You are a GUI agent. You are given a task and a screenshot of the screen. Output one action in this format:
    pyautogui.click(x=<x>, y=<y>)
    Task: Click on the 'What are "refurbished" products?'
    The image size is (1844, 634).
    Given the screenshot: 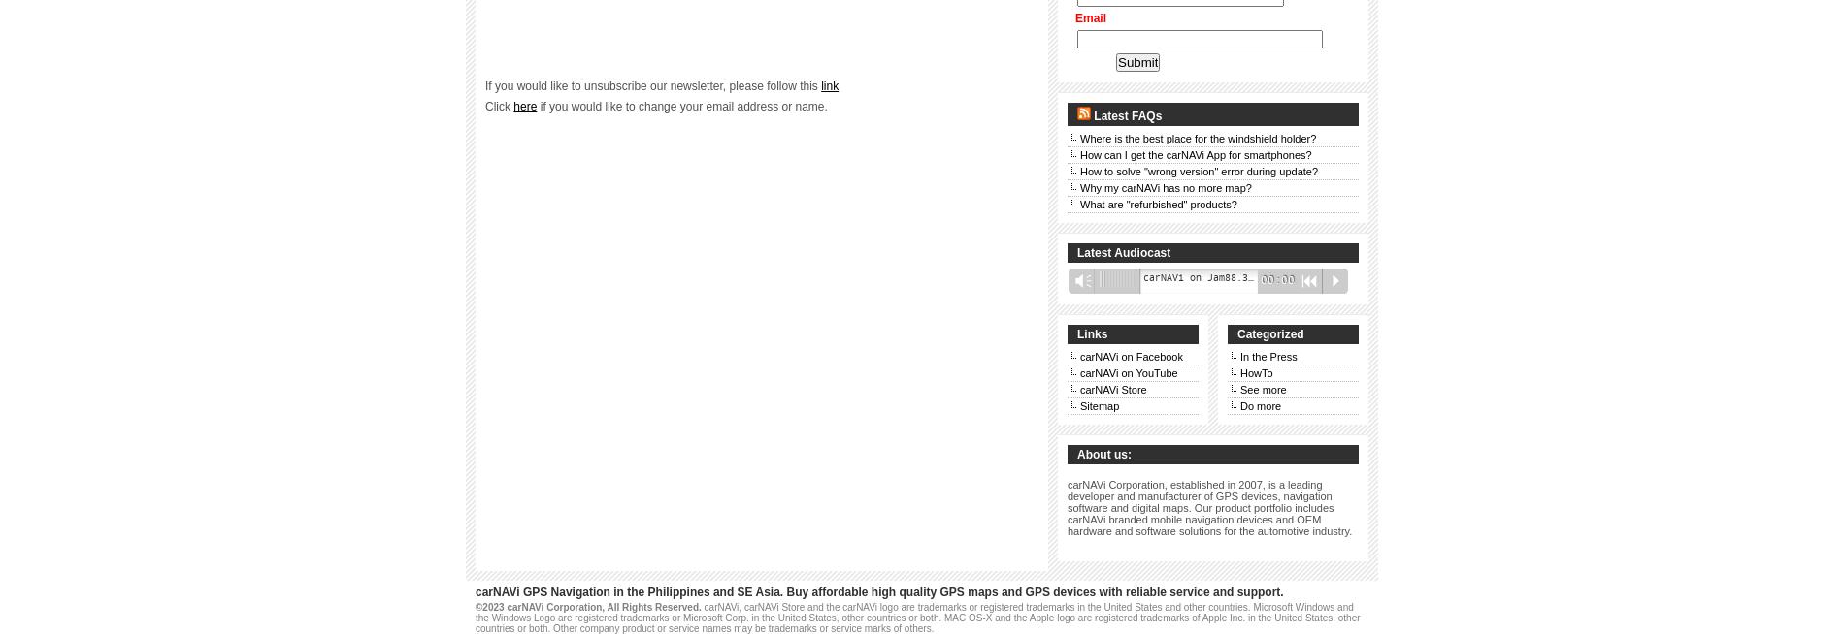 What is the action you would take?
    pyautogui.click(x=1157, y=203)
    